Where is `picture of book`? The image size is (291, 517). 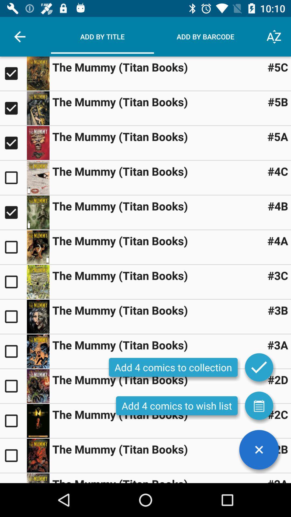
picture of book is located at coordinates (38, 351).